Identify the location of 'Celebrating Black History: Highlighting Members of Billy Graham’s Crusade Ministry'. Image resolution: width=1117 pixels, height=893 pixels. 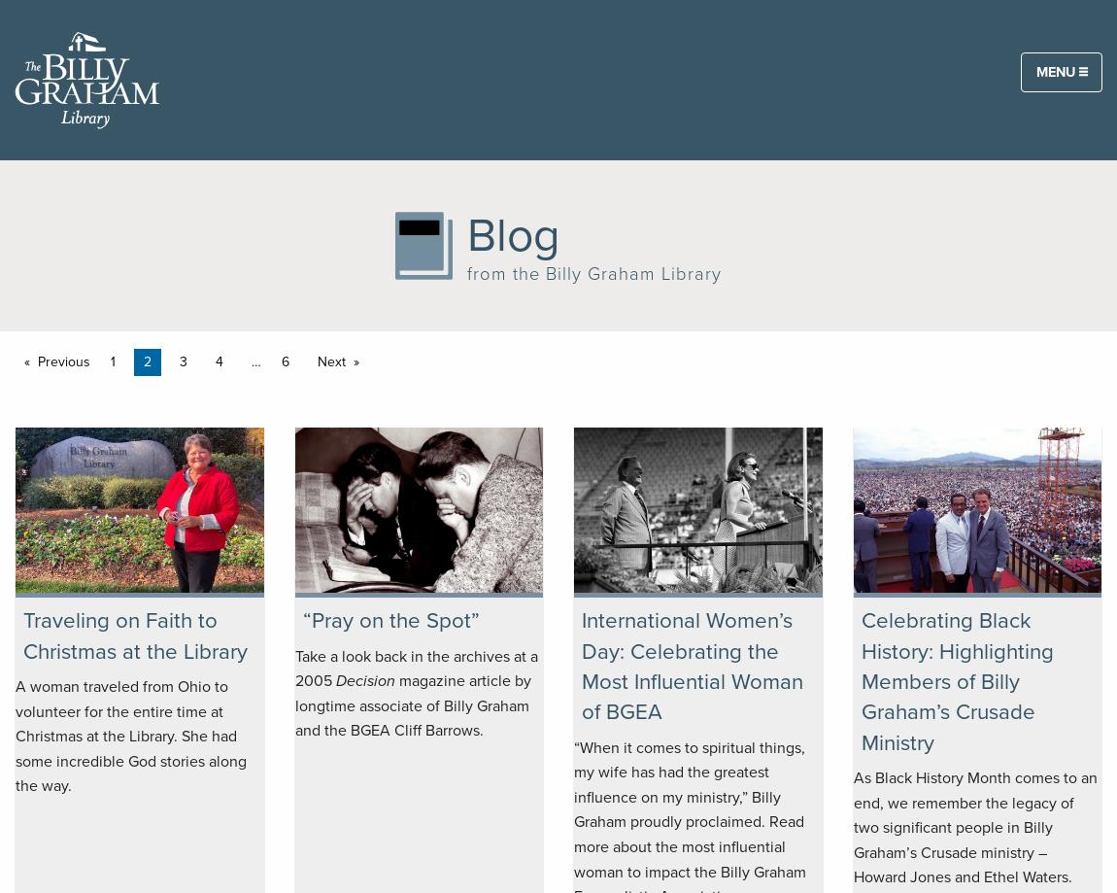
(956, 680).